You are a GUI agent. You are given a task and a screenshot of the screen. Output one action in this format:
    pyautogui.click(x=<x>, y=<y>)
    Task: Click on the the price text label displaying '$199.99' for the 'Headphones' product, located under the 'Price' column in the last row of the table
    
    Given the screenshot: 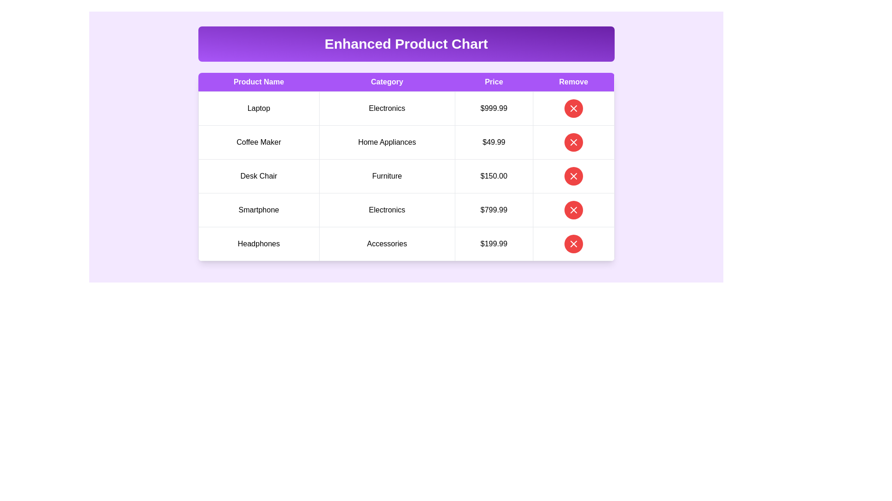 What is the action you would take?
    pyautogui.click(x=493, y=243)
    